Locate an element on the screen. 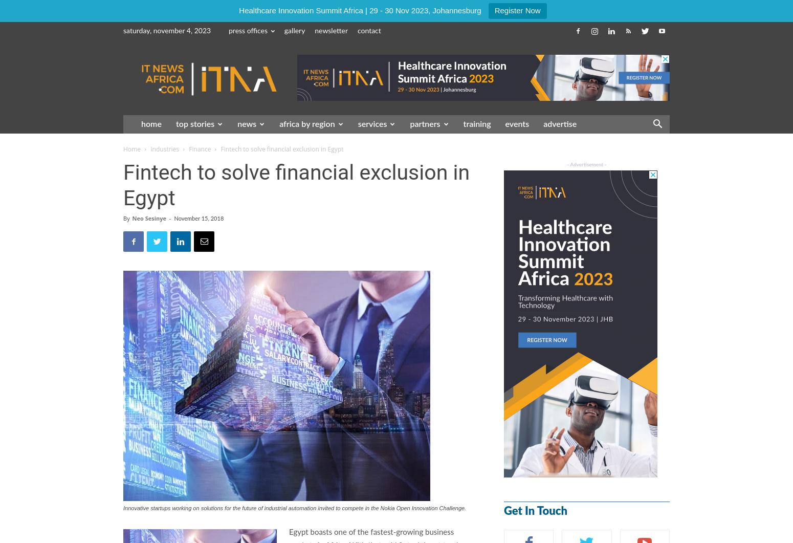 This screenshot has width=793, height=543. 'By' is located at coordinates (126, 218).